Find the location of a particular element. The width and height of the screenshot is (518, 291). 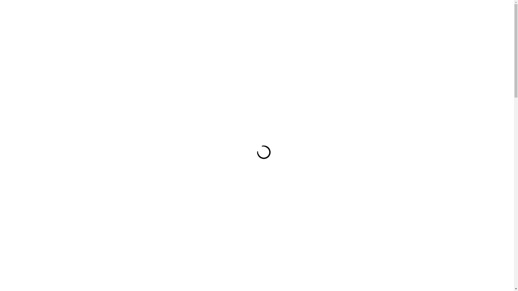

'projects' is located at coordinates (142, 39).